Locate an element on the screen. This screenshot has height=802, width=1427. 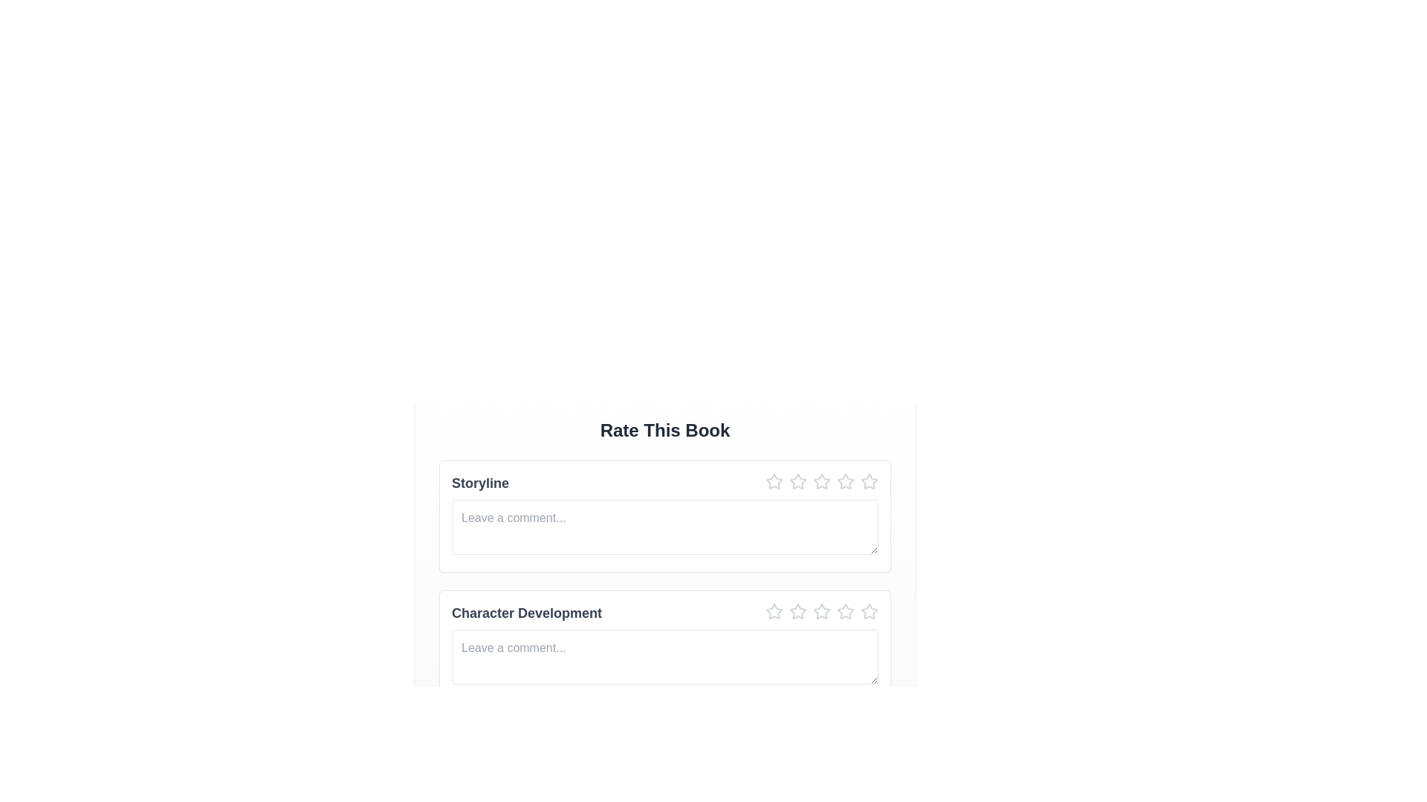
the third star-shaped rating icon, which is light gray and part of a sequence for the 'Character Development' section is located at coordinates (797, 612).